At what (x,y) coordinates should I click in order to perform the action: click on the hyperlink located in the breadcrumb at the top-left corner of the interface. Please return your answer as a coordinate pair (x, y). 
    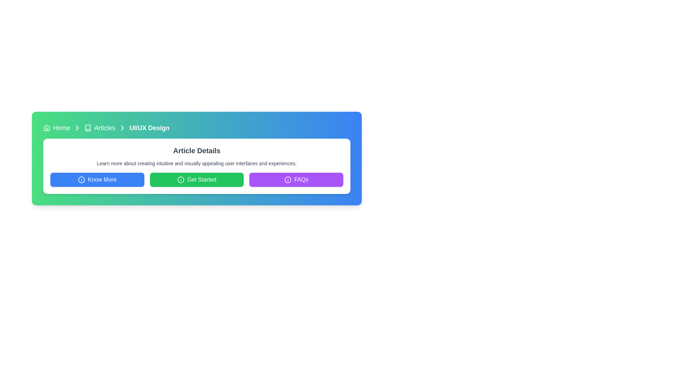
    Looking at the image, I should click on (61, 128).